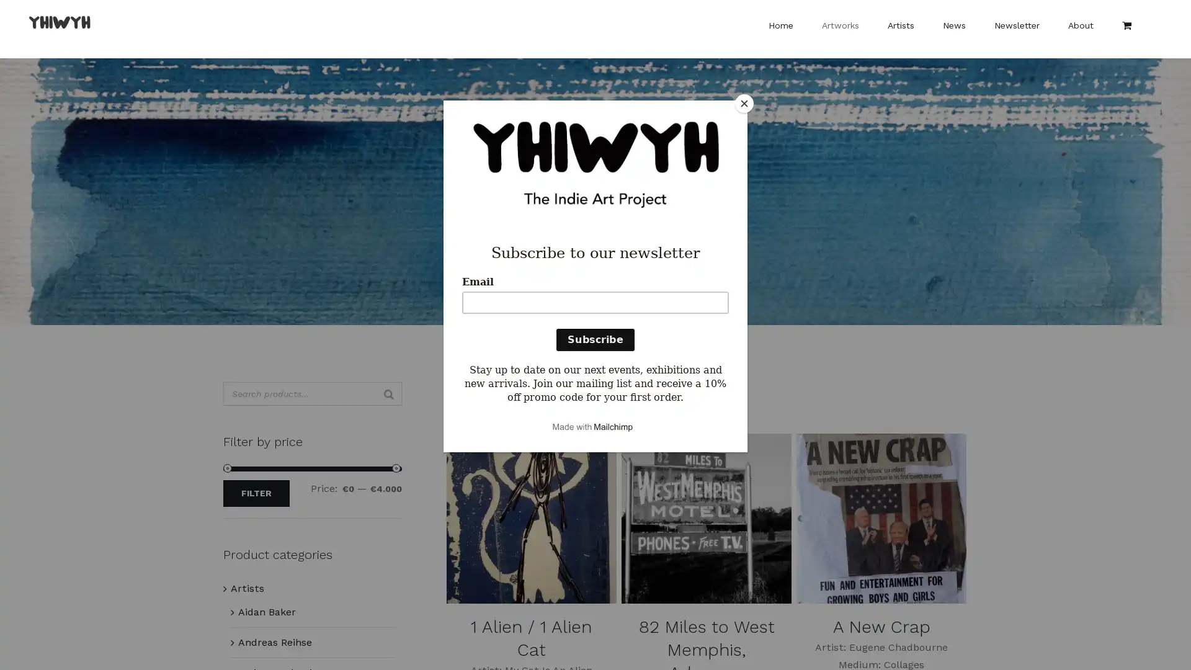 The image size is (1191, 670). I want to click on Search, so click(388, 394).